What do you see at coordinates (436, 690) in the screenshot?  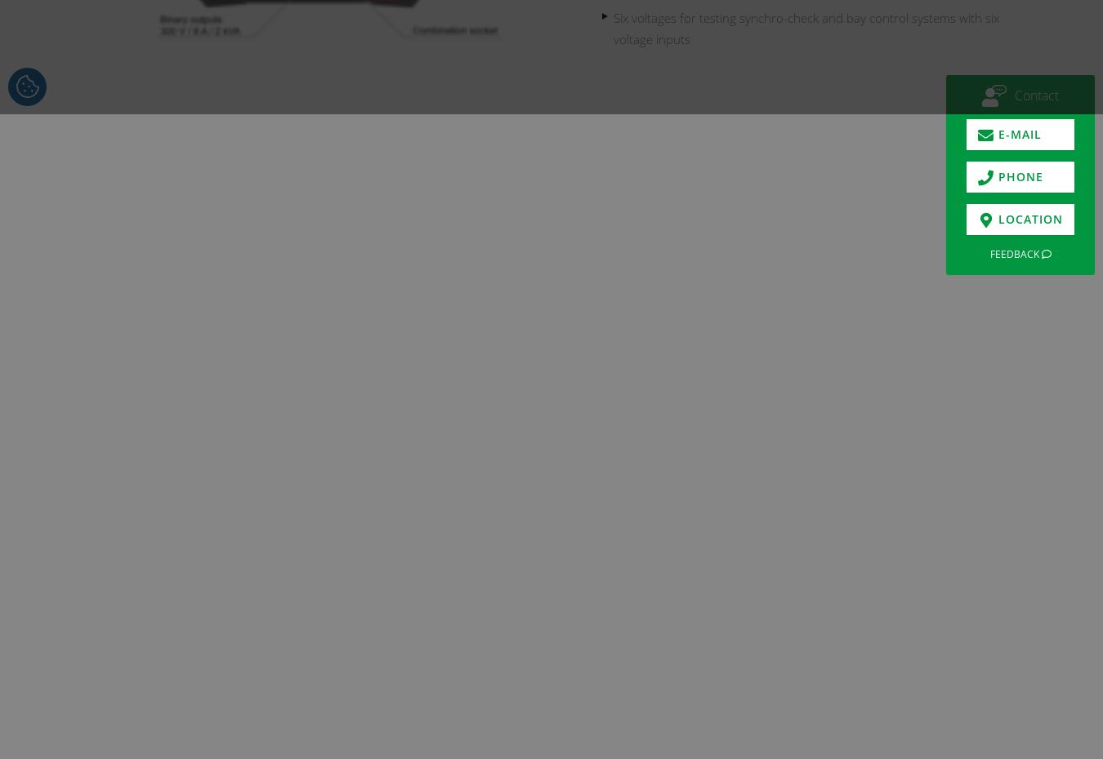 I see `'With this software the CMC test set becomes a multifunctional measurement and recording unit. You can use EnerLyzer Live in parallel with the software used for operating your CMC.'` at bounding box center [436, 690].